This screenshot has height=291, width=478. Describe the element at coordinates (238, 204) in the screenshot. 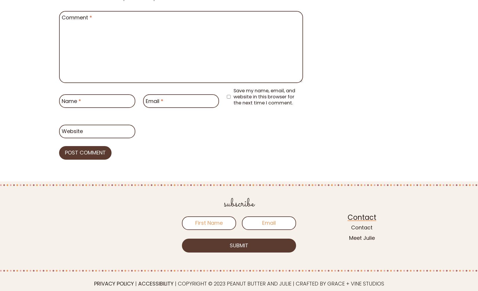

I see `'subscribe'` at that location.